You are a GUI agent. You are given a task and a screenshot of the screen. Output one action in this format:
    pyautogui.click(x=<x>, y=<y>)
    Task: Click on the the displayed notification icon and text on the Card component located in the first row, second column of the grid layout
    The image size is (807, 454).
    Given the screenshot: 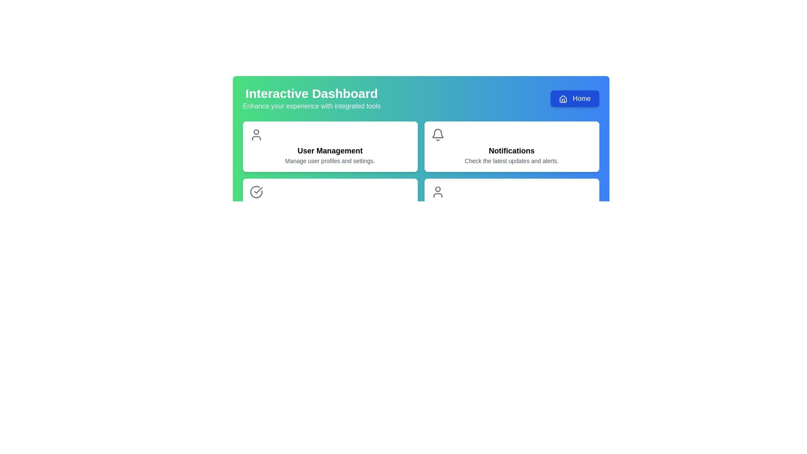 What is the action you would take?
    pyautogui.click(x=511, y=146)
    